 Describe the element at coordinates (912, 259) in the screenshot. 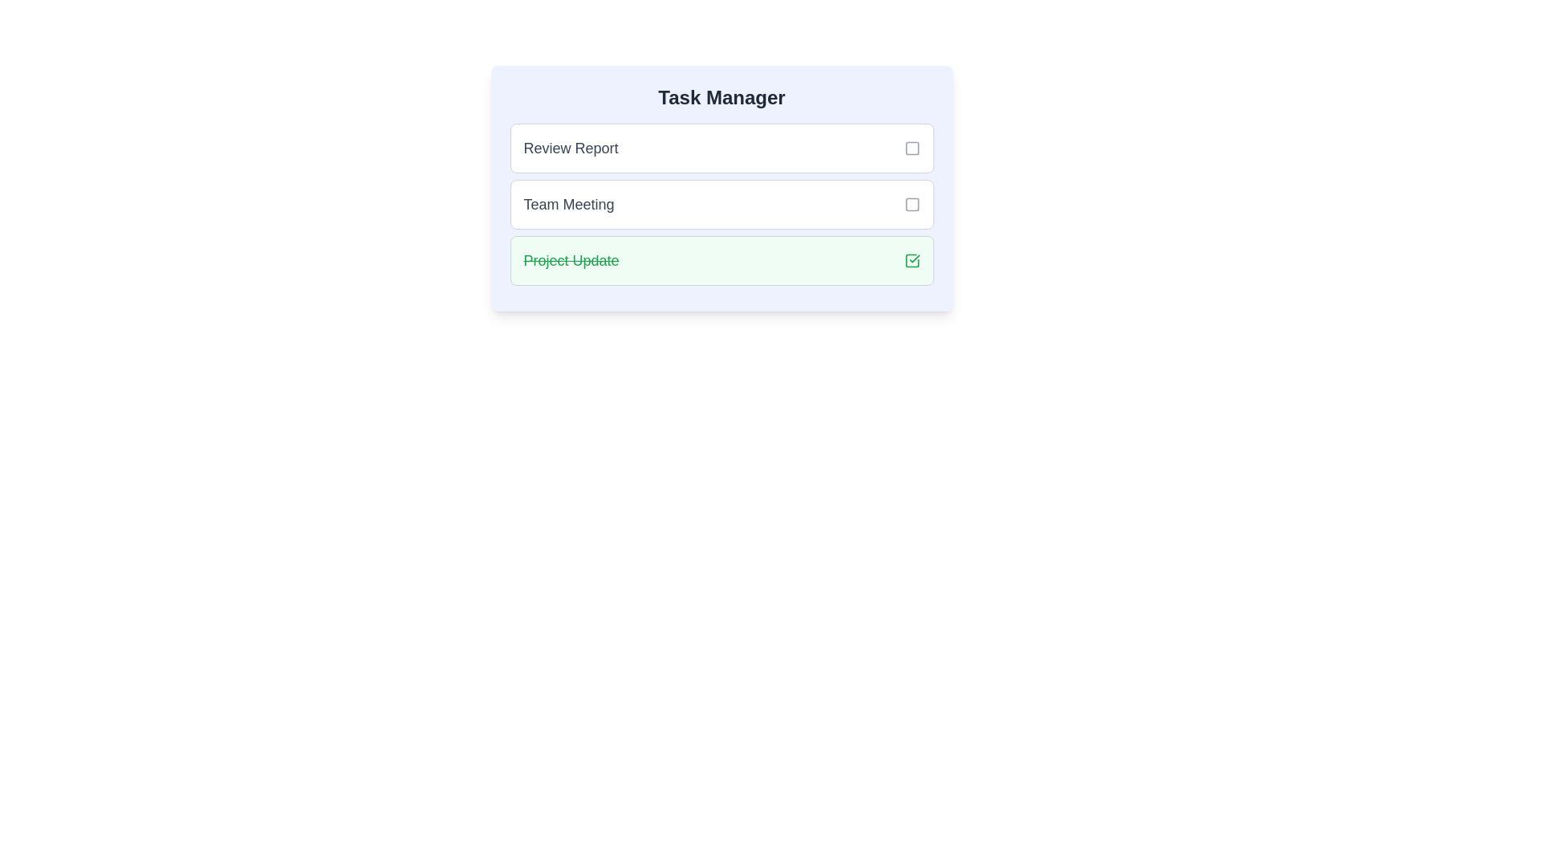

I see `the green-bordered icon with a green checkmark that signifies a completed status, located to the right of the 'Project Update' text in the Task Manager interface` at that location.